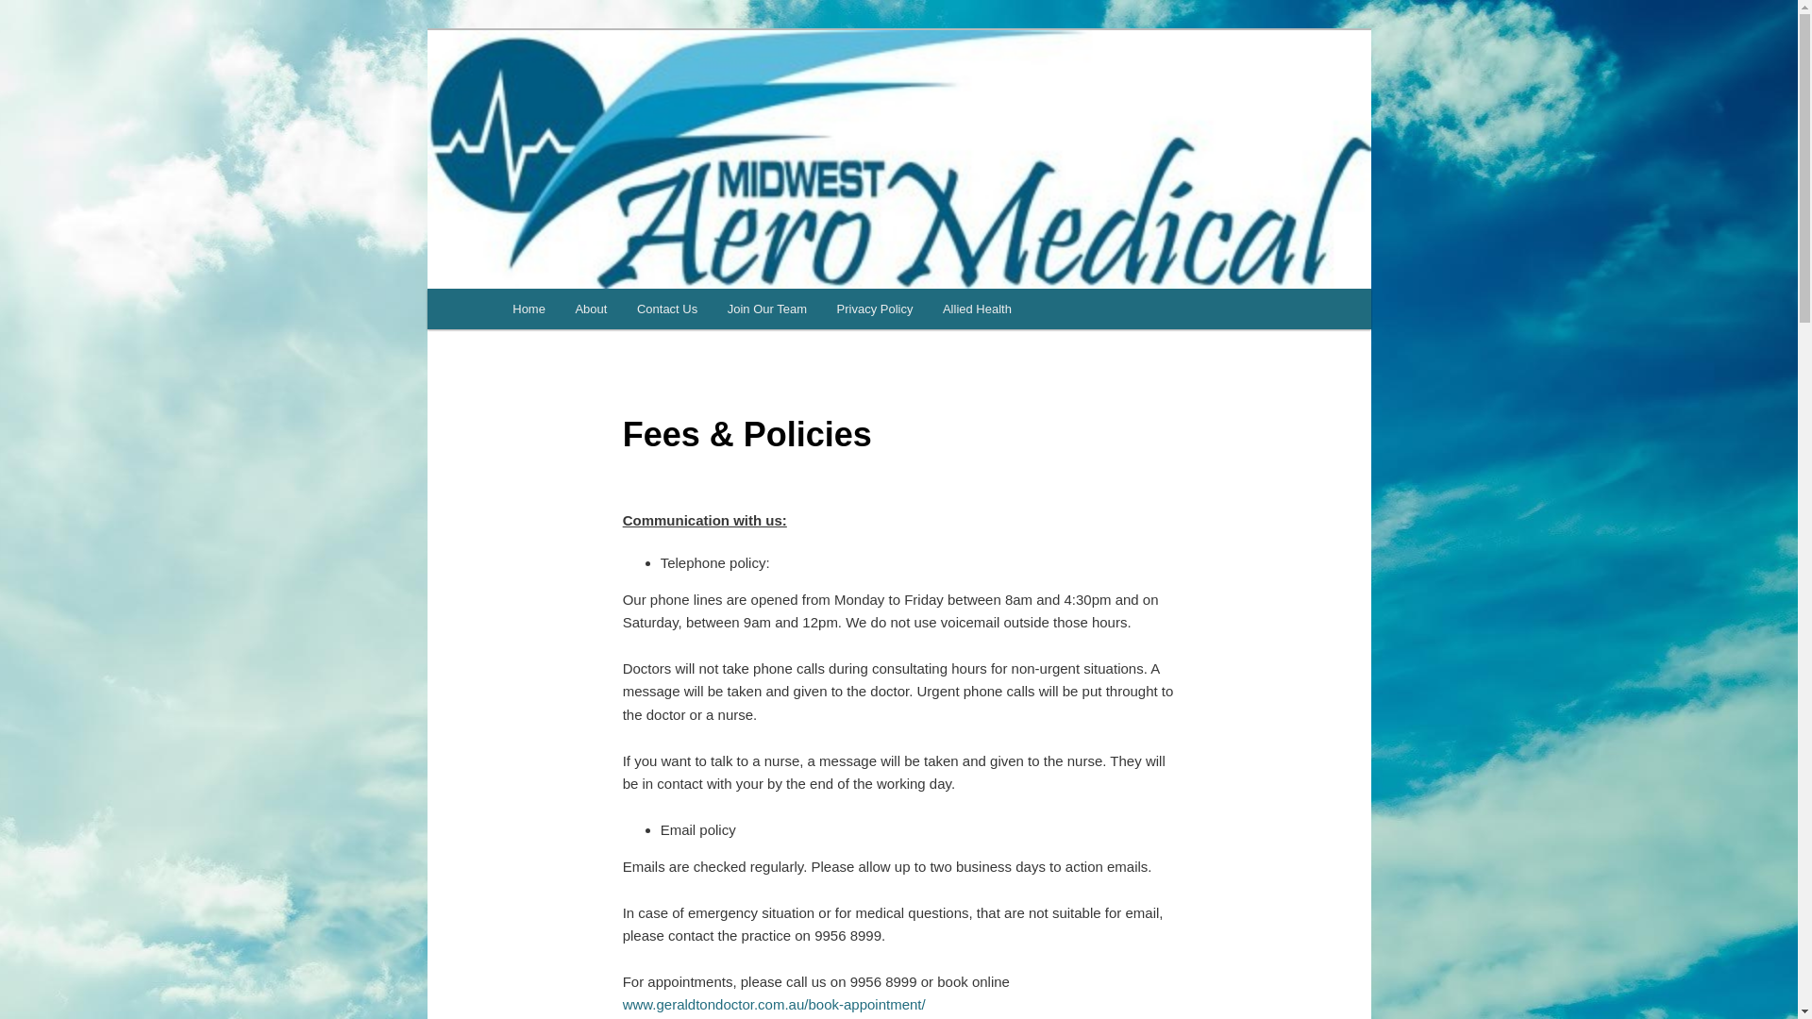 The height and width of the screenshot is (1019, 1812). I want to click on 'Home', so click(498, 308).